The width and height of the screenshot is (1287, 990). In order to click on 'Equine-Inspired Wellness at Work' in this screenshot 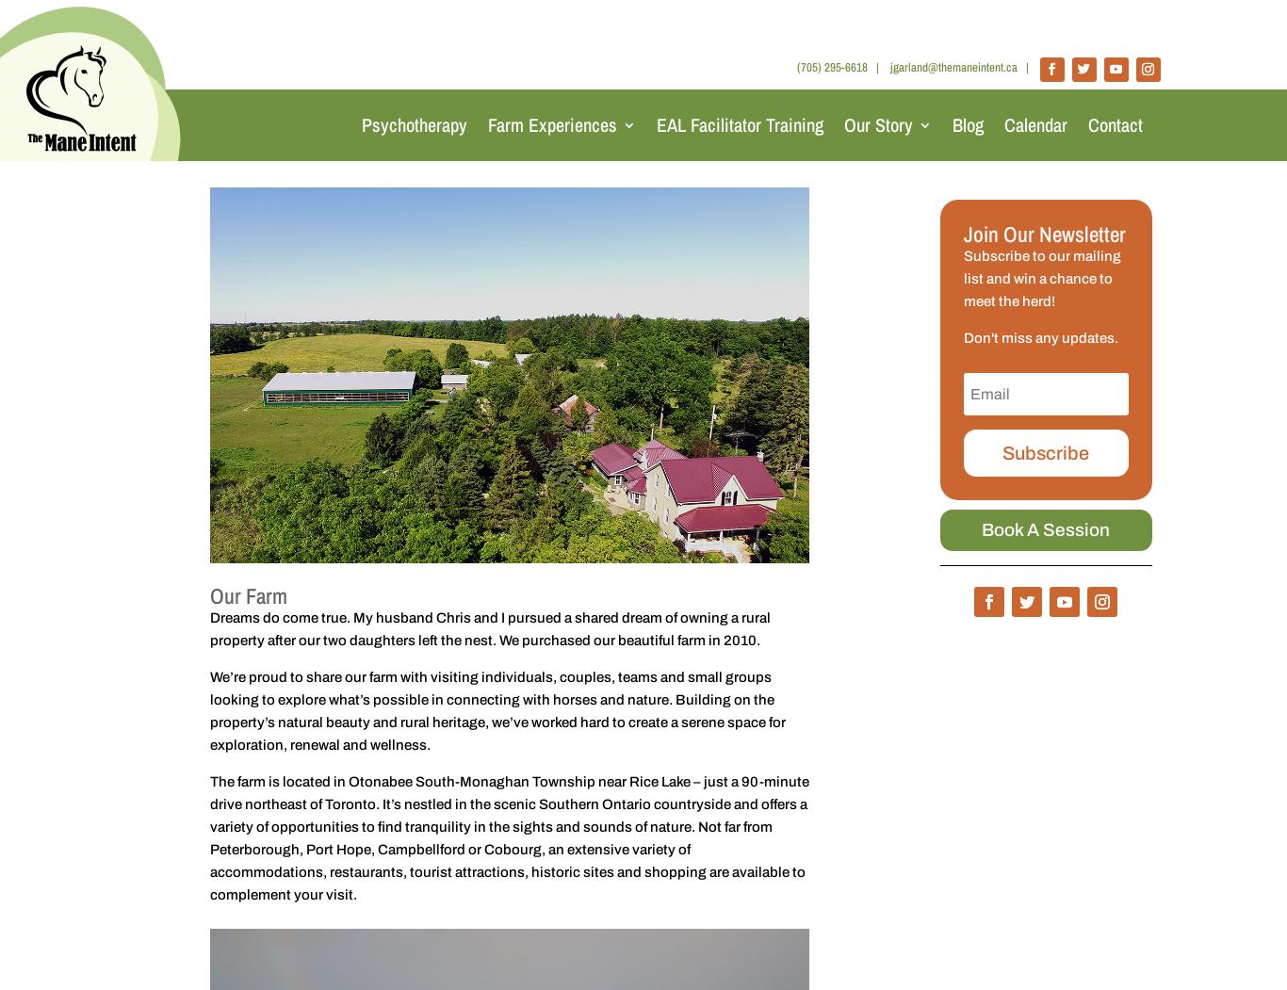, I will do `click(575, 302)`.